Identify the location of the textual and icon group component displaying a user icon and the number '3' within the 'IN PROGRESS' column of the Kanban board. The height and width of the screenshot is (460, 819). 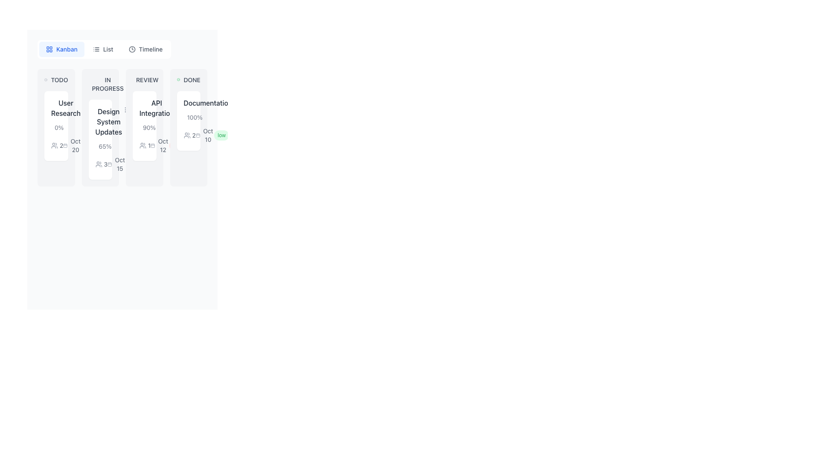
(101, 164).